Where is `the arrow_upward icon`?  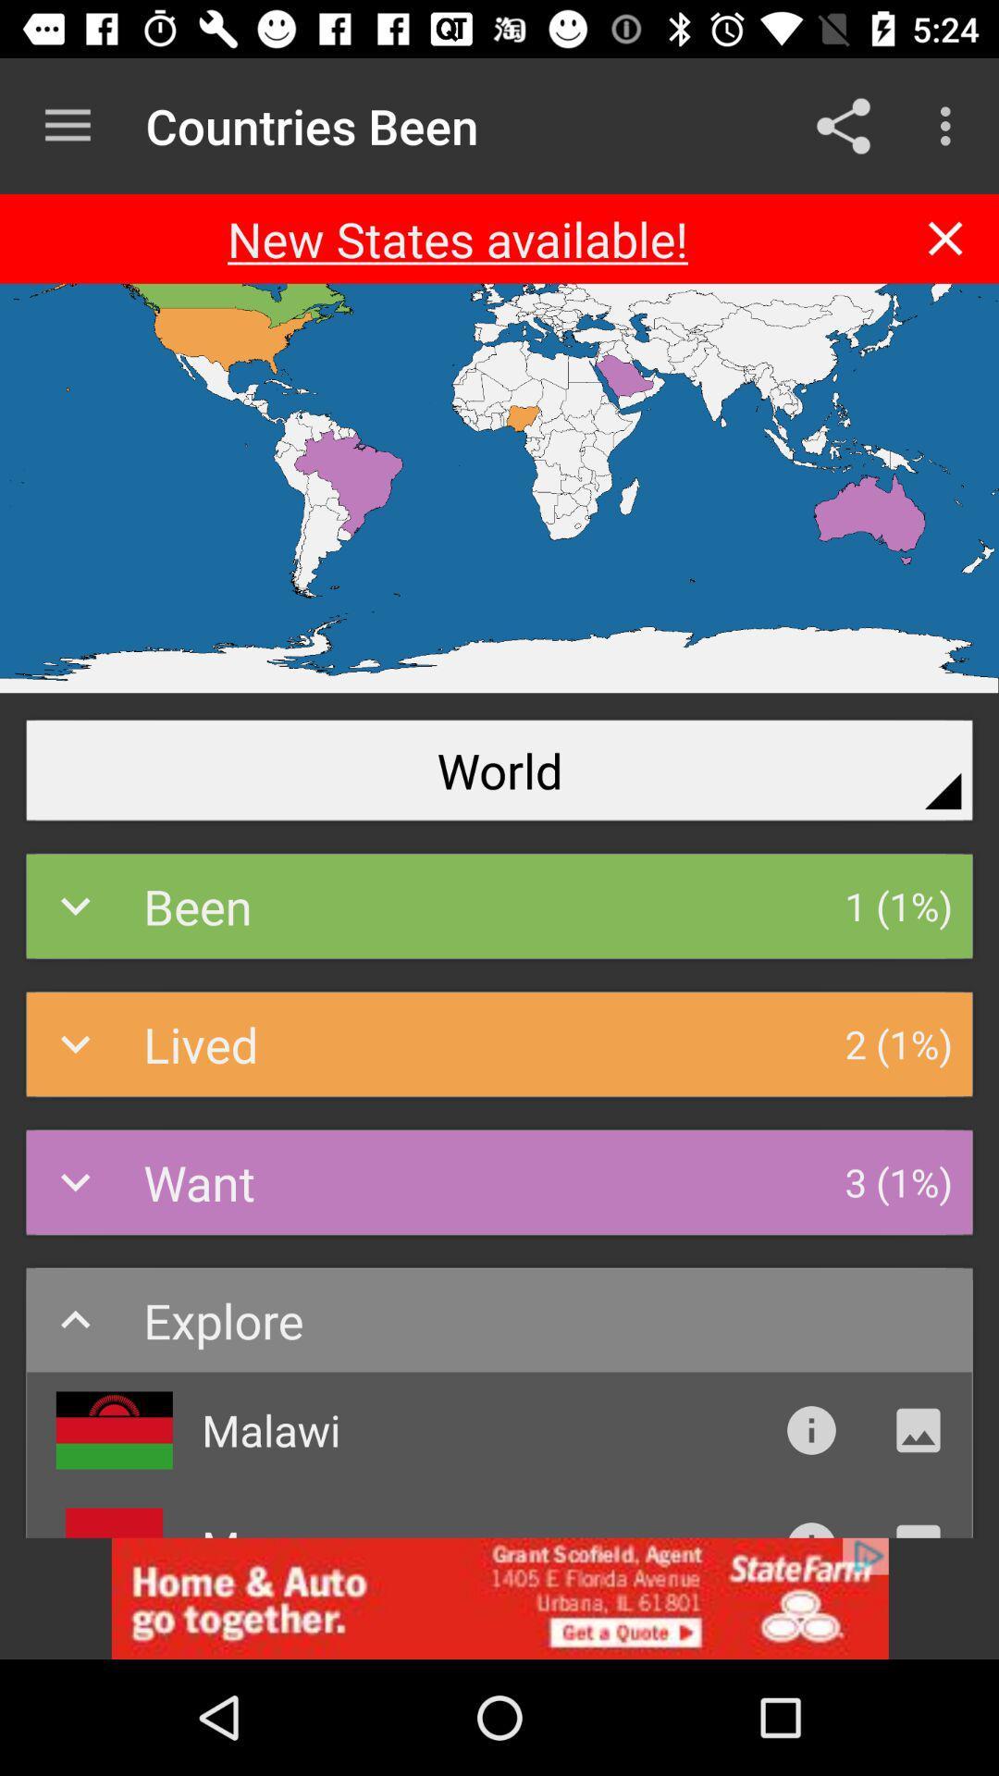 the arrow_upward icon is located at coordinates (810, 1527).